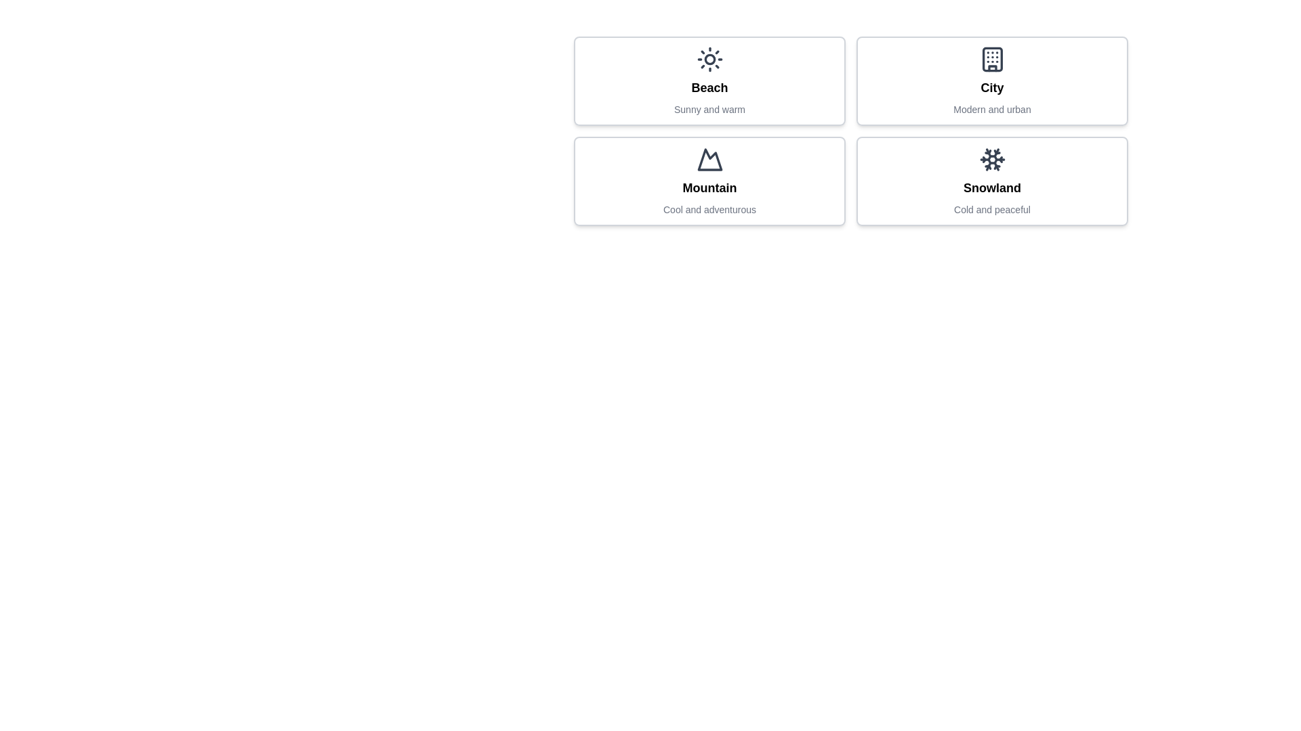 The height and width of the screenshot is (731, 1301). Describe the element at coordinates (709, 209) in the screenshot. I see `the text label displaying 'Cool and adventurous' in gray color, located under the 'Mountain' label within a card styled with a border and shadow` at that location.